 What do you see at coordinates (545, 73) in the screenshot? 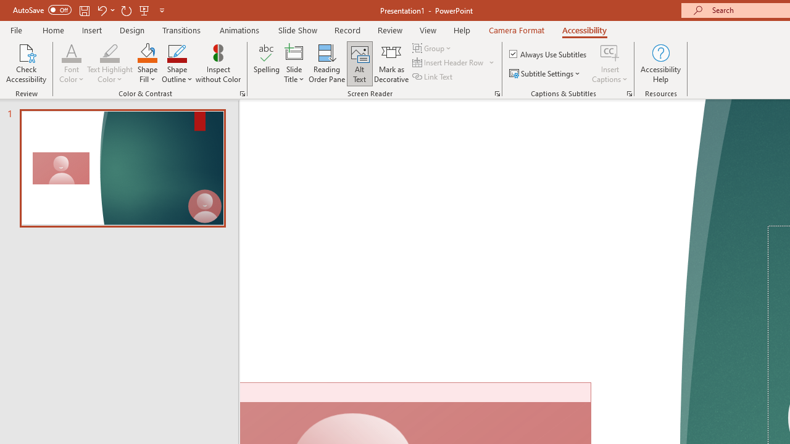
I see `'Subtitle Settings'` at bounding box center [545, 73].